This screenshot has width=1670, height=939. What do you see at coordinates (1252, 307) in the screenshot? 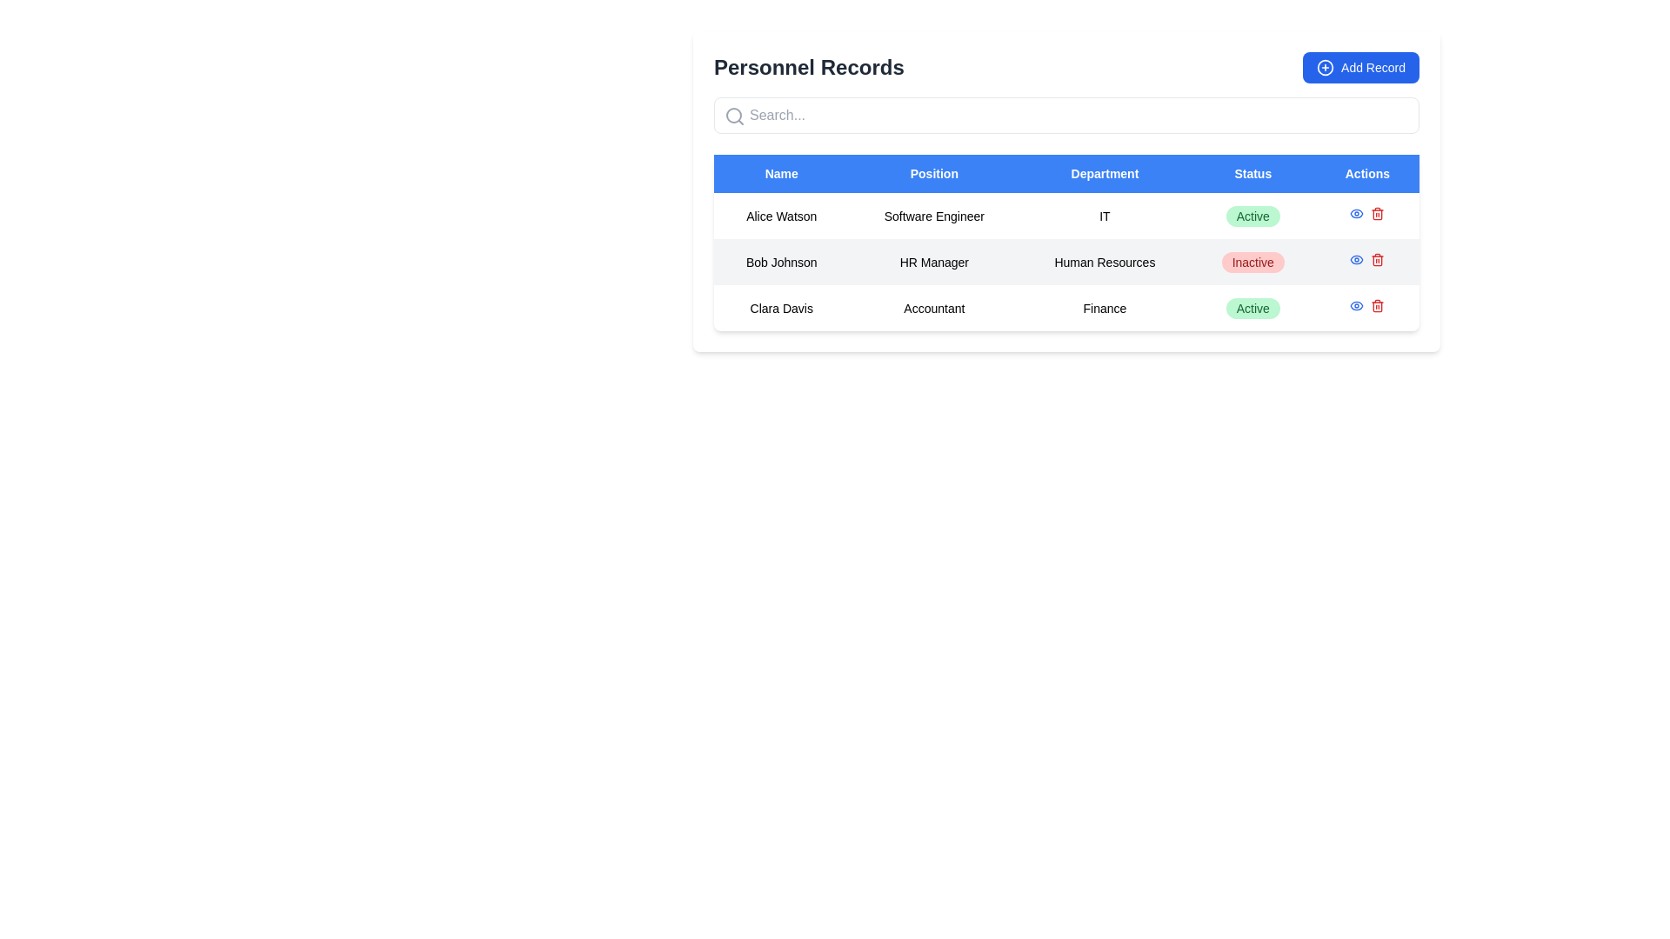
I see `the 'Status' label indicating that 'Clara Davis' is currently active, located in the last row of the 'Personnel Records' table` at bounding box center [1252, 307].